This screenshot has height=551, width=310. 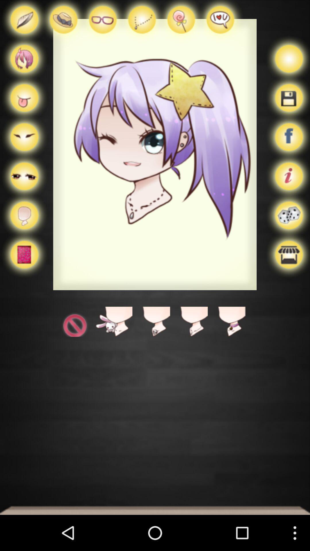 What do you see at coordinates (75, 344) in the screenshot?
I see `the time icon` at bounding box center [75, 344].